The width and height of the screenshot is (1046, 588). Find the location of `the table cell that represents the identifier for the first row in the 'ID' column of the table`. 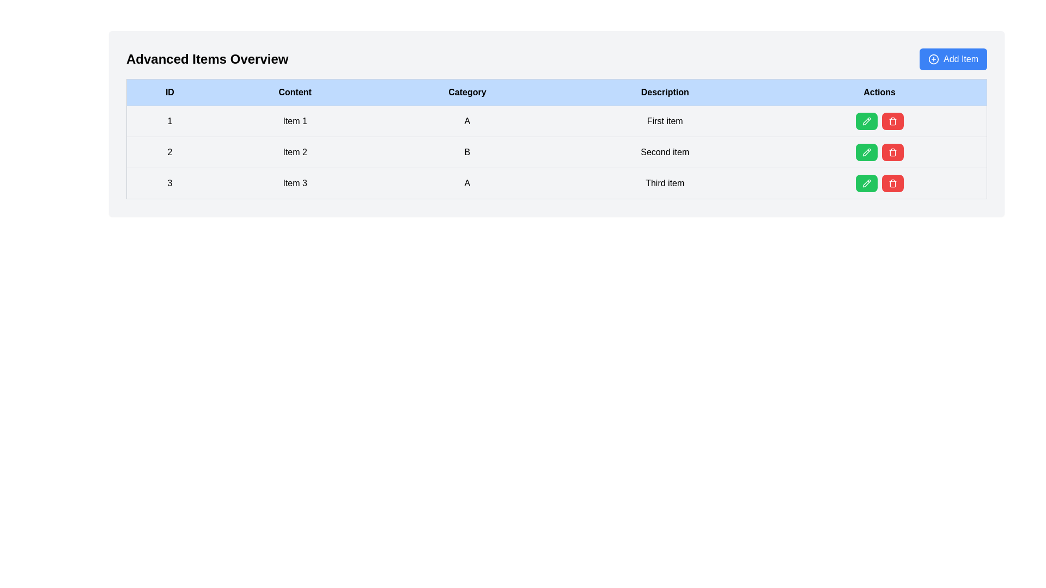

the table cell that represents the identifier for the first row in the 'ID' column of the table is located at coordinates (169, 121).